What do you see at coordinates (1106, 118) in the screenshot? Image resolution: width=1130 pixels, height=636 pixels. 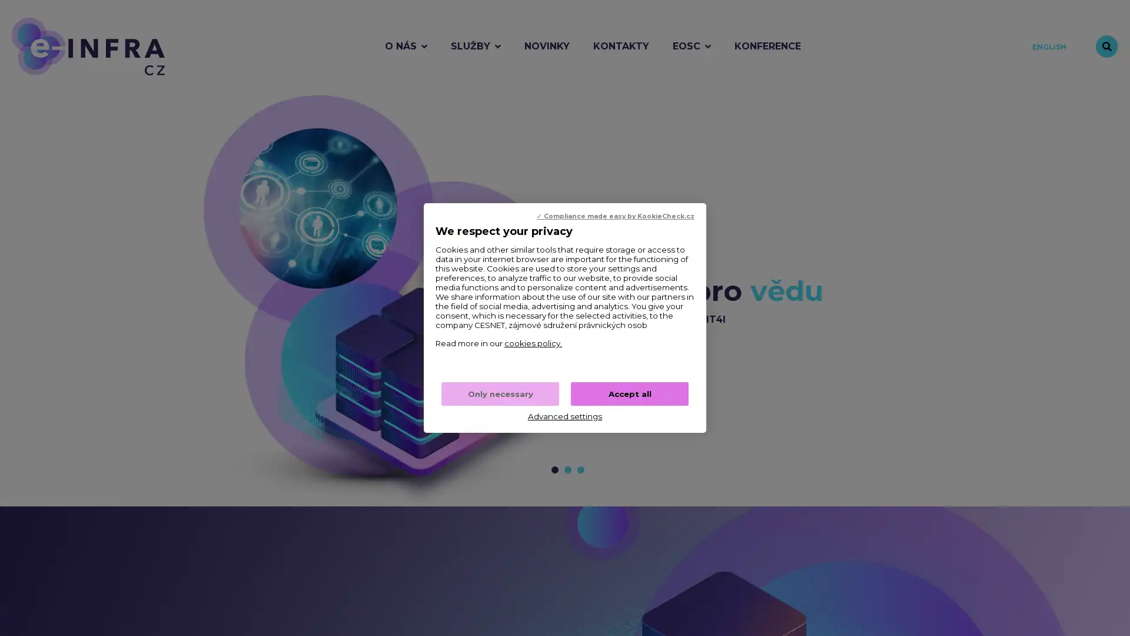 I see `Zastavit animaci` at bounding box center [1106, 118].